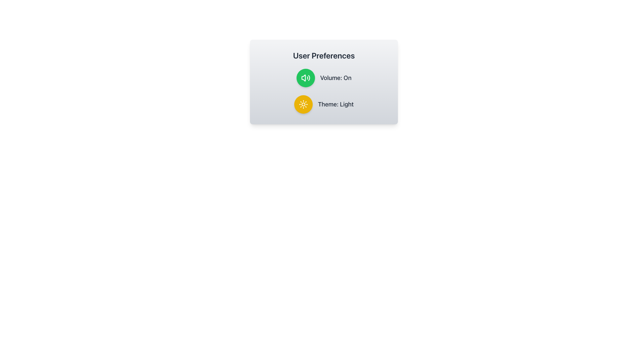 The height and width of the screenshot is (357, 634). What do you see at coordinates (305, 77) in the screenshot?
I see `the volume settings button located in the 'User Preferences' section` at bounding box center [305, 77].